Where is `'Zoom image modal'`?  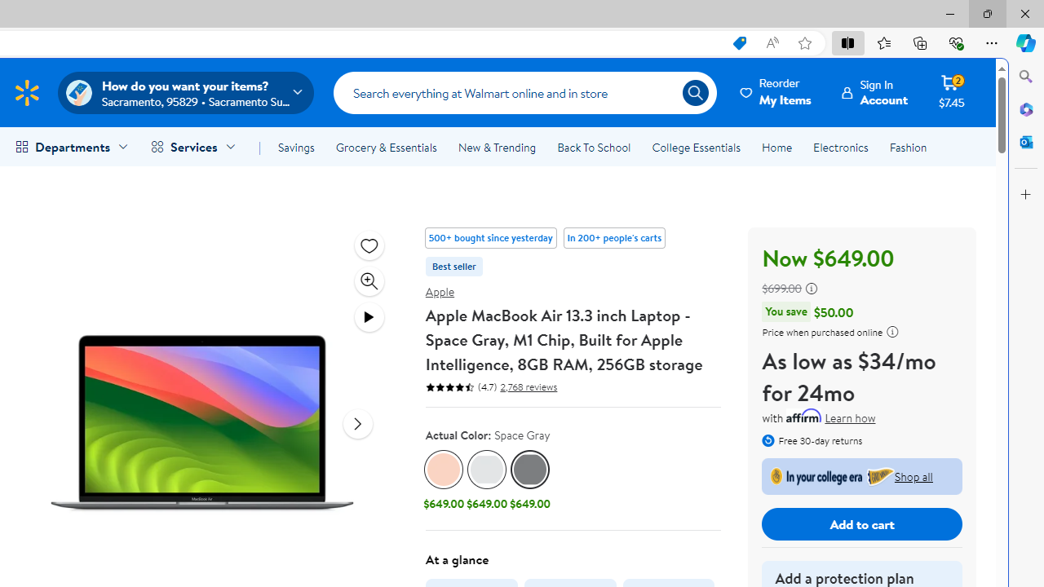 'Zoom image modal' is located at coordinates (368, 280).